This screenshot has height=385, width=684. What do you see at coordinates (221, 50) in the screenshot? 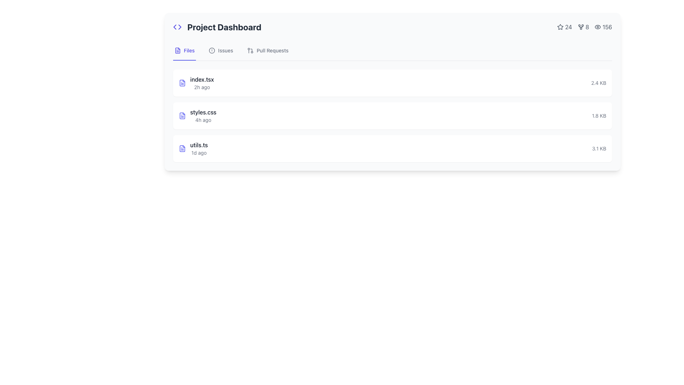
I see `the second tab in the horizontal navigation bar on the dashboard interface` at bounding box center [221, 50].